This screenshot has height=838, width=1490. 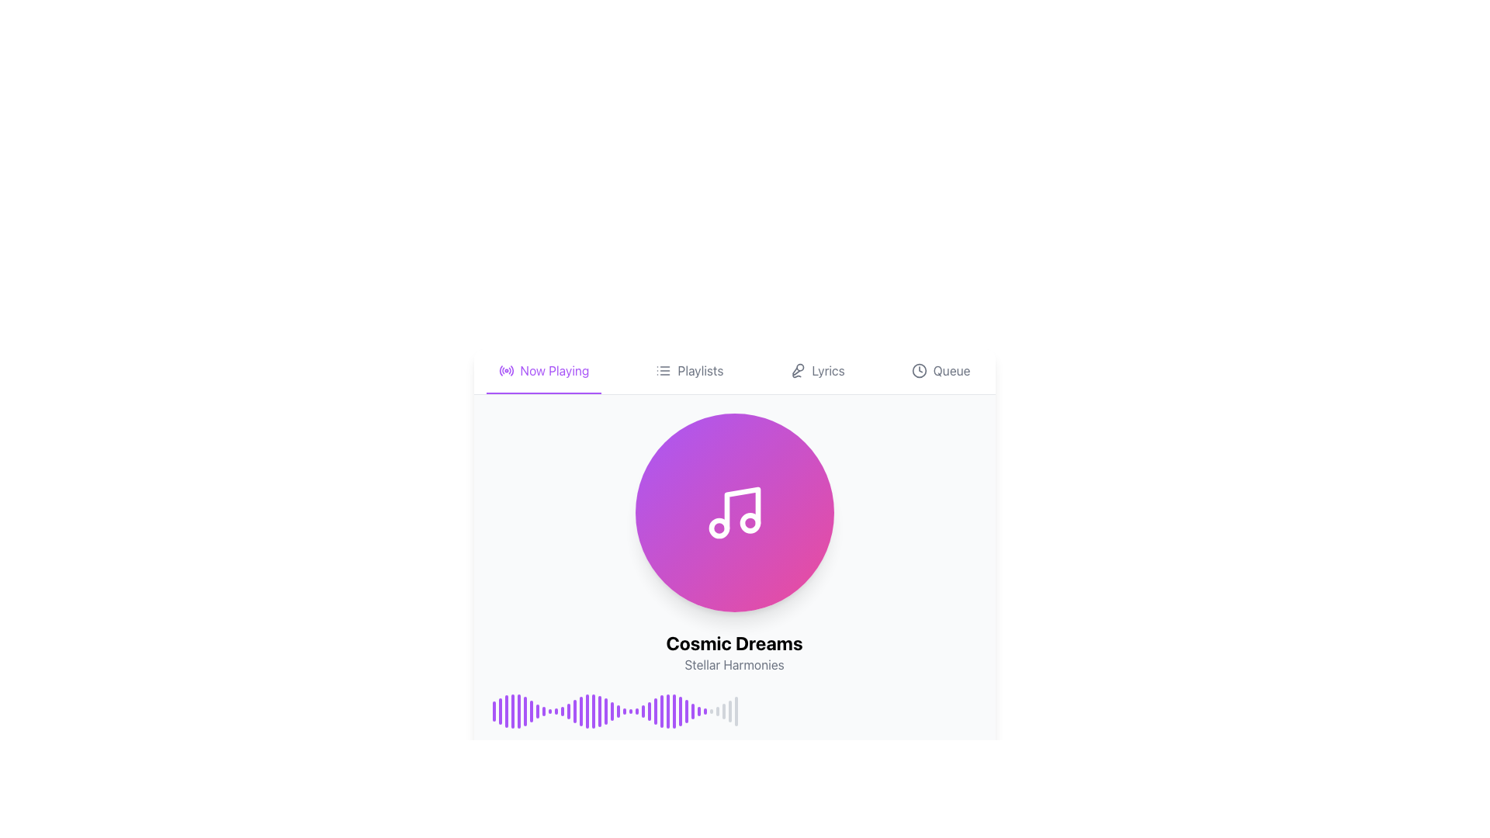 I want to click on the second gray vertical progress bar located beneath the central circular artwork, which is distinct due to its rounded corners and gray color, positioned at the end of a purple waveform pattern, so click(x=716, y=712).